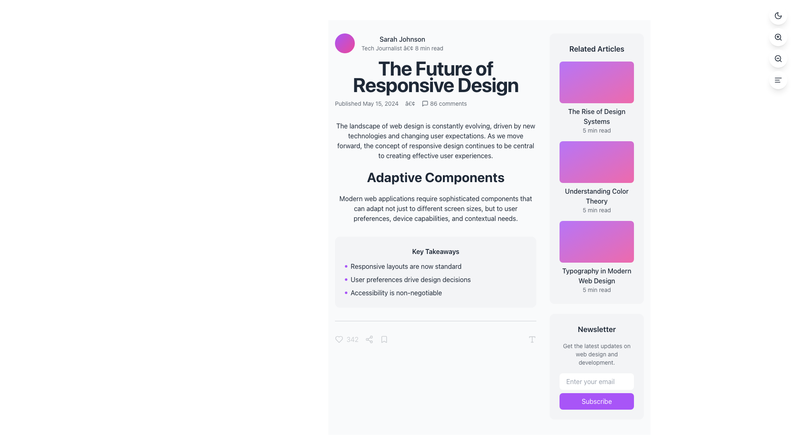 This screenshot has height=446, width=794. I want to click on the text label displaying '5 min read' located beneath the title 'Understanding Color Theory' in the right column of the 'Related Articles' section, so click(597, 210).